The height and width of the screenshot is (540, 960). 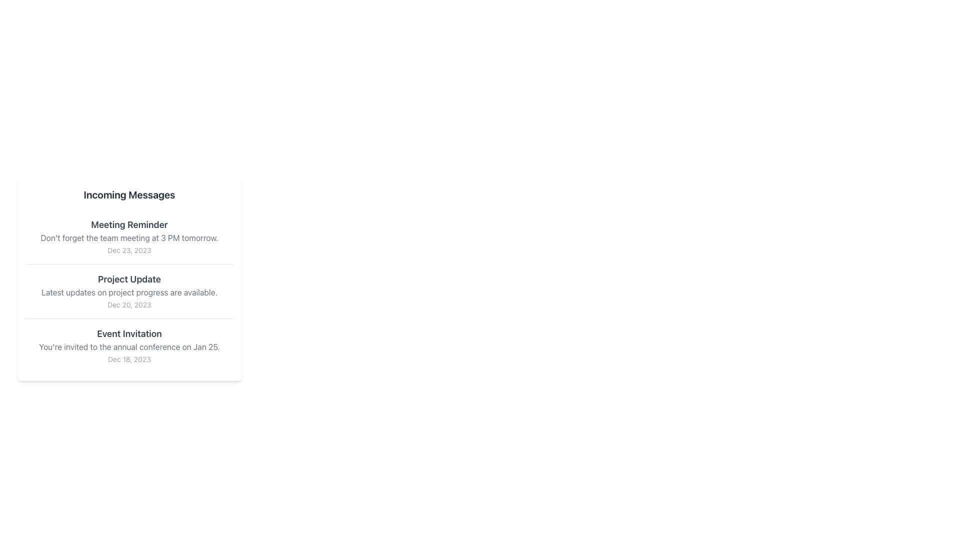 I want to click on the text header labeled 'Incoming Messages' which is displayed in bold, large dark gray font at the top of a white card-like structure, so click(x=129, y=194).